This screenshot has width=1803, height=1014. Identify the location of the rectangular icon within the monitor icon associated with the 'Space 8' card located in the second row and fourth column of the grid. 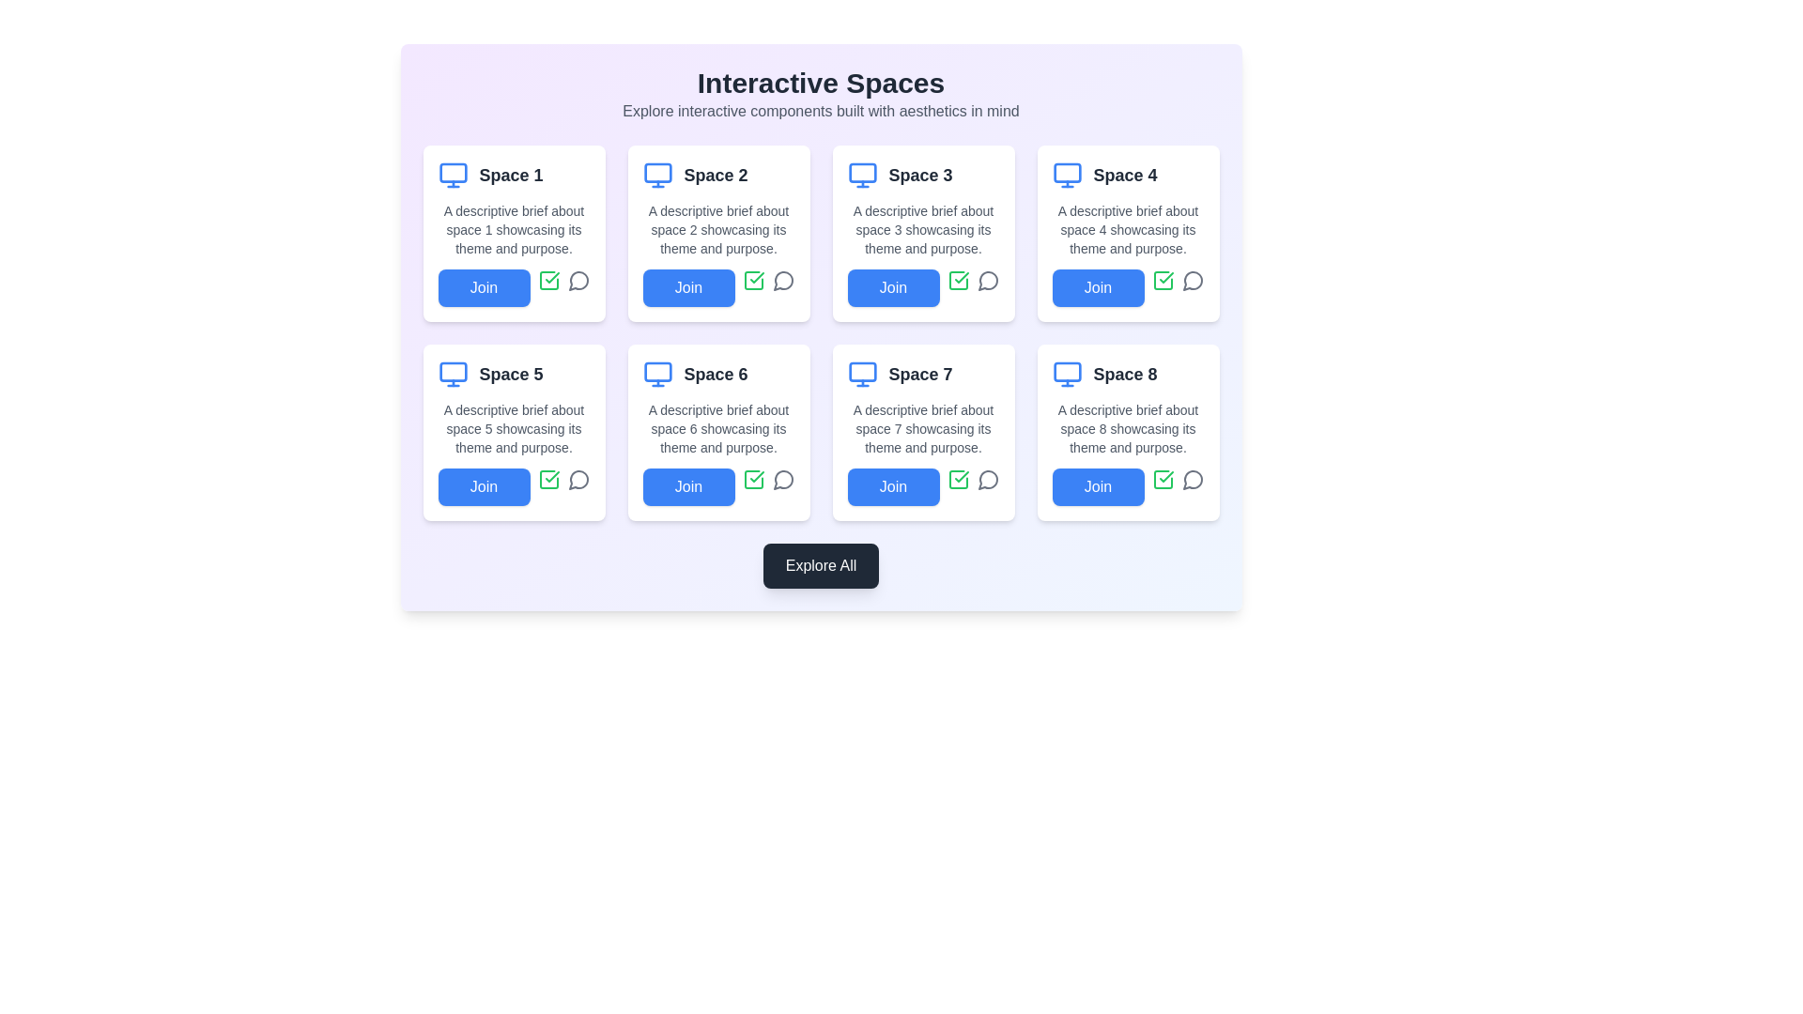
(1067, 372).